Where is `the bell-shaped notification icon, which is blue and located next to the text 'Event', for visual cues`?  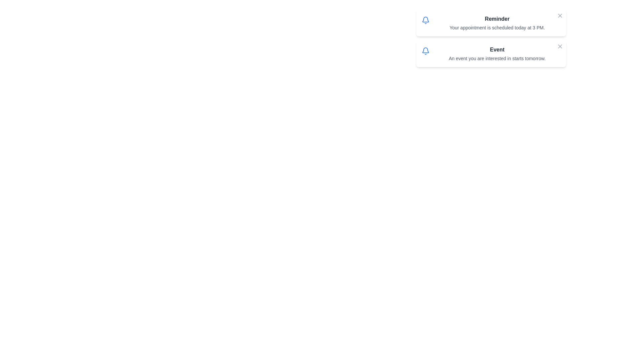 the bell-shaped notification icon, which is blue and located next to the text 'Event', for visual cues is located at coordinates (425, 51).